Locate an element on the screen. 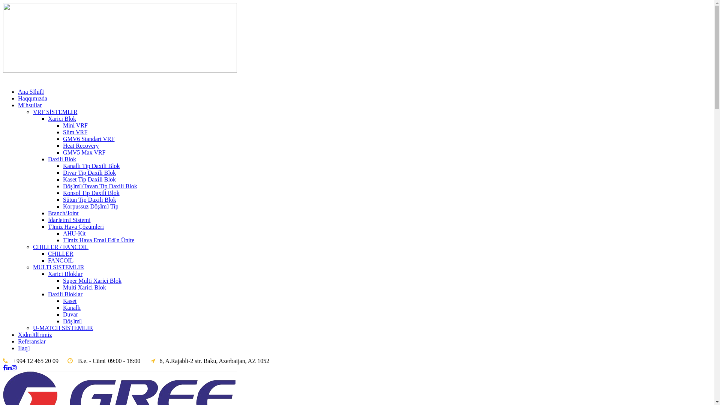 Image resolution: width=720 pixels, height=405 pixels. 'facebook' is located at coordinates (4, 367).